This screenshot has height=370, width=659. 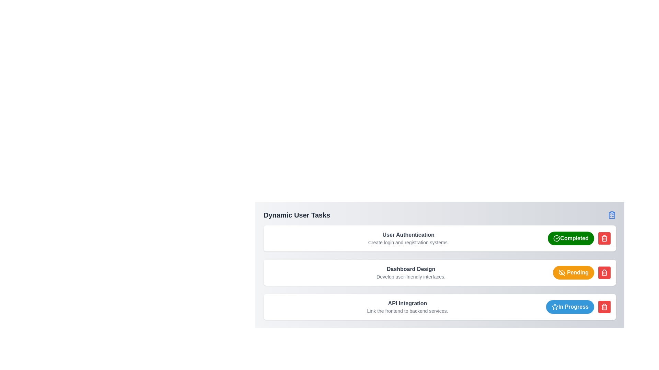 What do you see at coordinates (411, 276) in the screenshot?
I see `the text label reading 'Develop user-friendly interfaces.' which is styled in a small gray font and positioned beneath 'Dashboard Design' in the middle task card` at bounding box center [411, 276].